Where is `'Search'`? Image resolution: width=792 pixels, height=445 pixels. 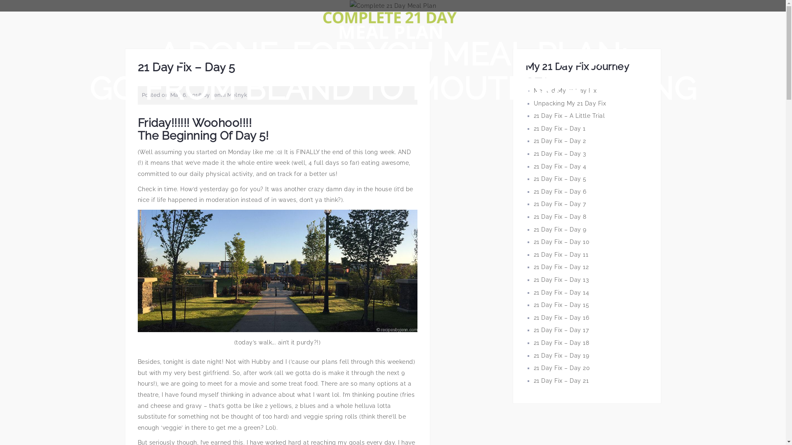 'Search' is located at coordinates (23, 11).